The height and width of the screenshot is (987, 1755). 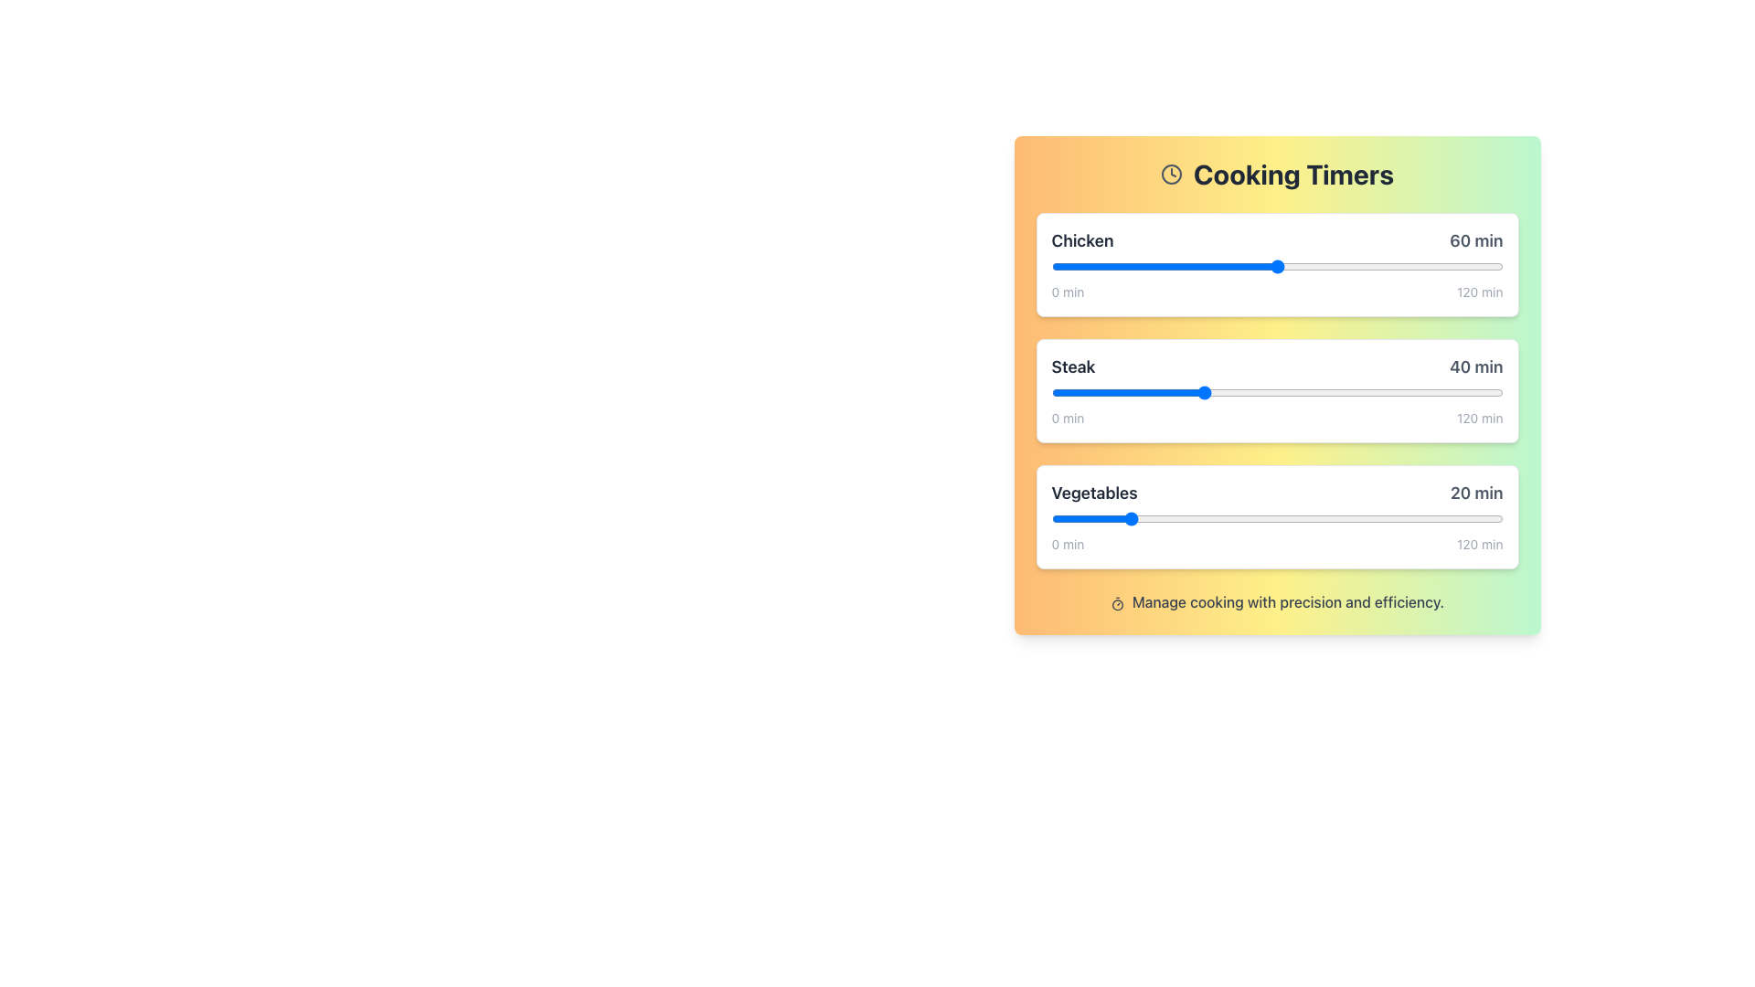 What do you see at coordinates (1152, 267) in the screenshot?
I see `the cooking timer value` at bounding box center [1152, 267].